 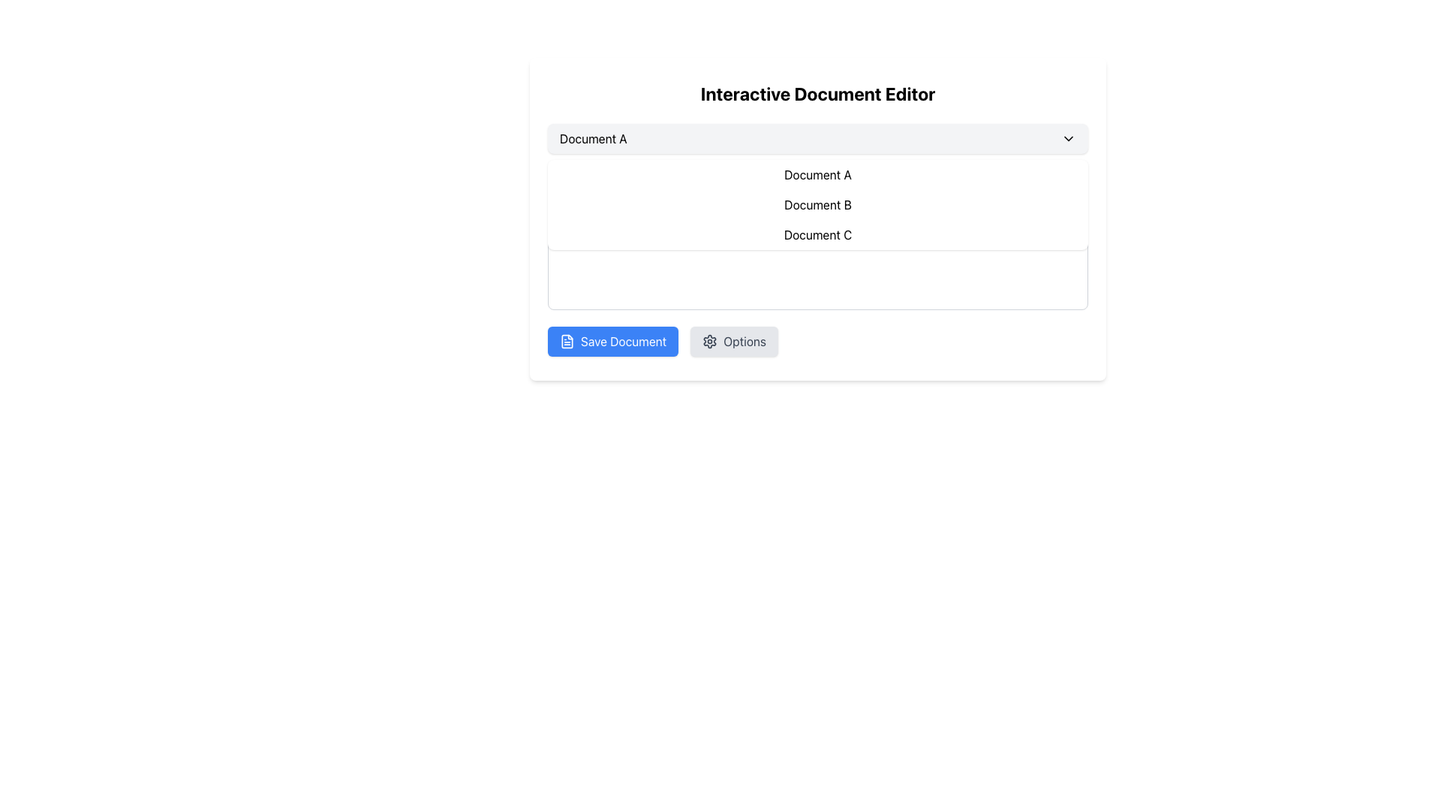 What do you see at coordinates (613, 342) in the screenshot?
I see `the 'Save Document' button, which is a rectangular button with rounded corners, blue background, and white text` at bounding box center [613, 342].